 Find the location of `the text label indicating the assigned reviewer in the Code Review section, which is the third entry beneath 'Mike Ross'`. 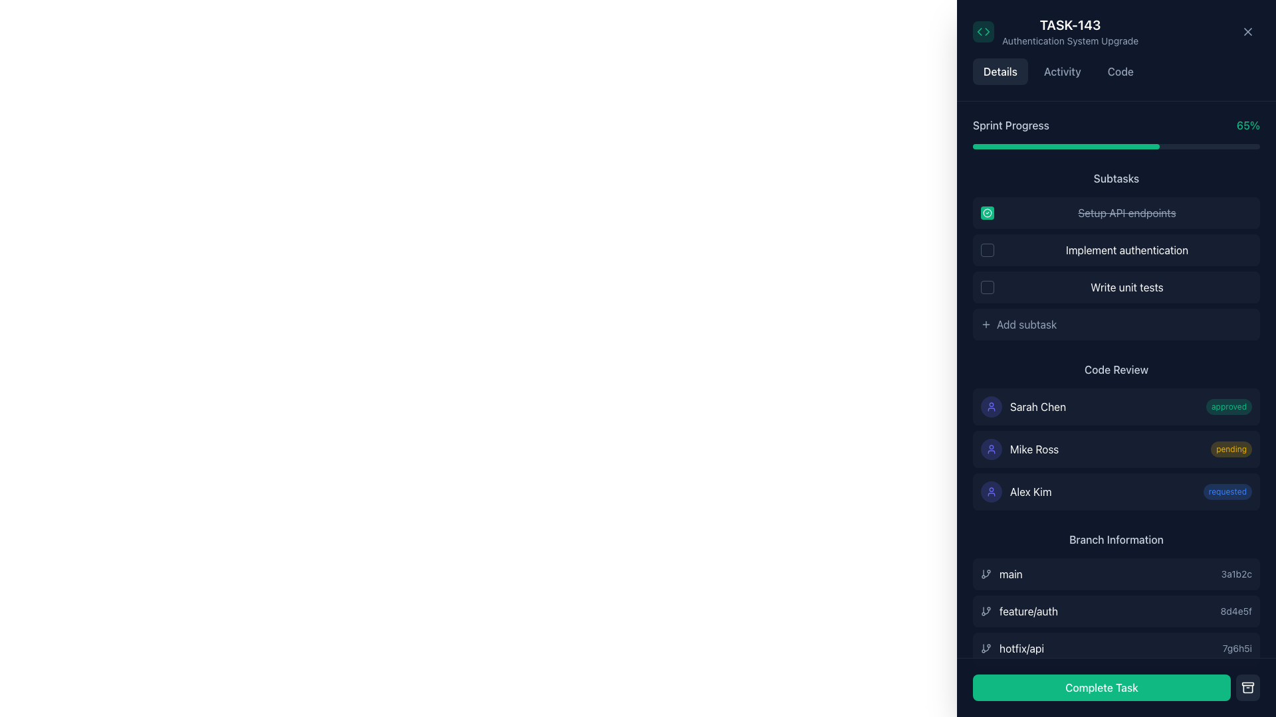

the text label indicating the assigned reviewer in the Code Review section, which is the third entry beneath 'Mike Ross' is located at coordinates (1030, 491).